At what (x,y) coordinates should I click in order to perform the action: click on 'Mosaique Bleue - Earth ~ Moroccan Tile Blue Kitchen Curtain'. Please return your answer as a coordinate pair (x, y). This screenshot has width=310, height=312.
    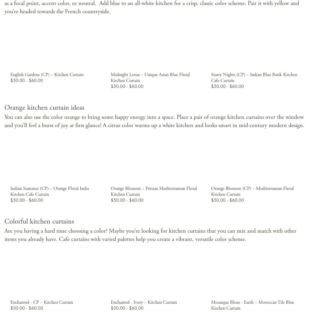
    Looking at the image, I should click on (211, 305).